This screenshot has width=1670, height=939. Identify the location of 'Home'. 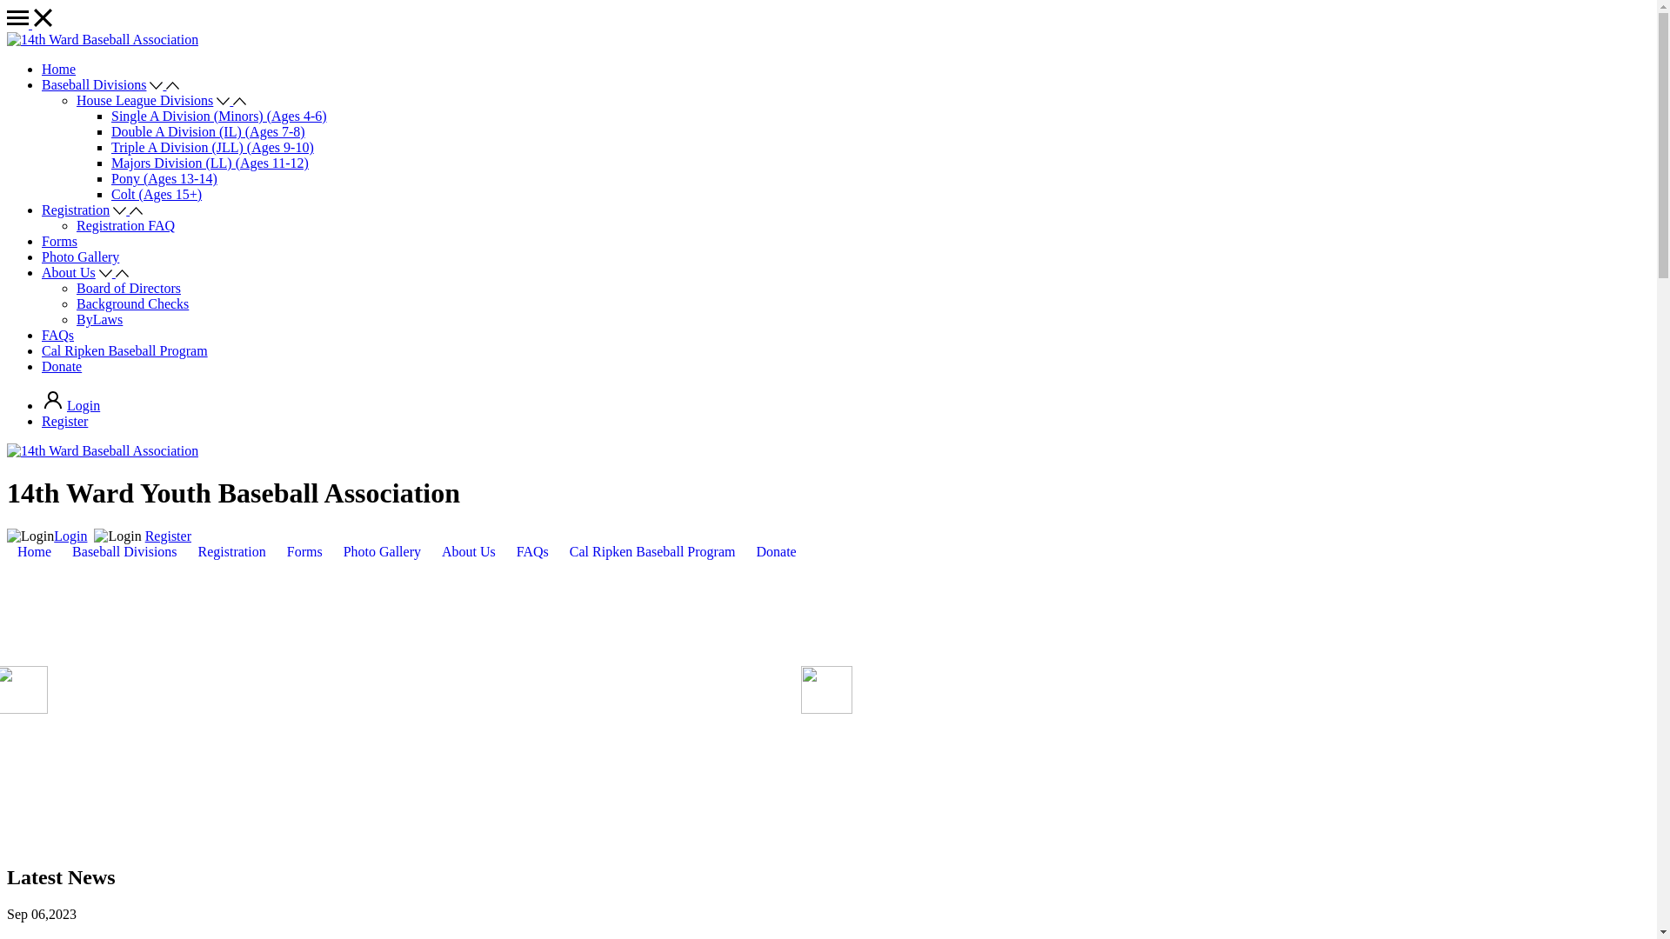
(58, 68).